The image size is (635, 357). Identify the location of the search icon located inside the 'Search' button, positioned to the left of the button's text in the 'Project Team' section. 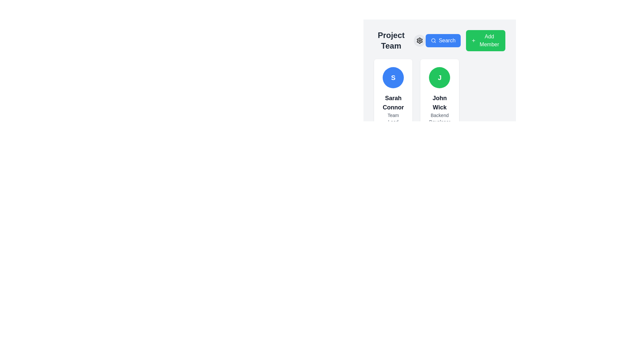
(433, 41).